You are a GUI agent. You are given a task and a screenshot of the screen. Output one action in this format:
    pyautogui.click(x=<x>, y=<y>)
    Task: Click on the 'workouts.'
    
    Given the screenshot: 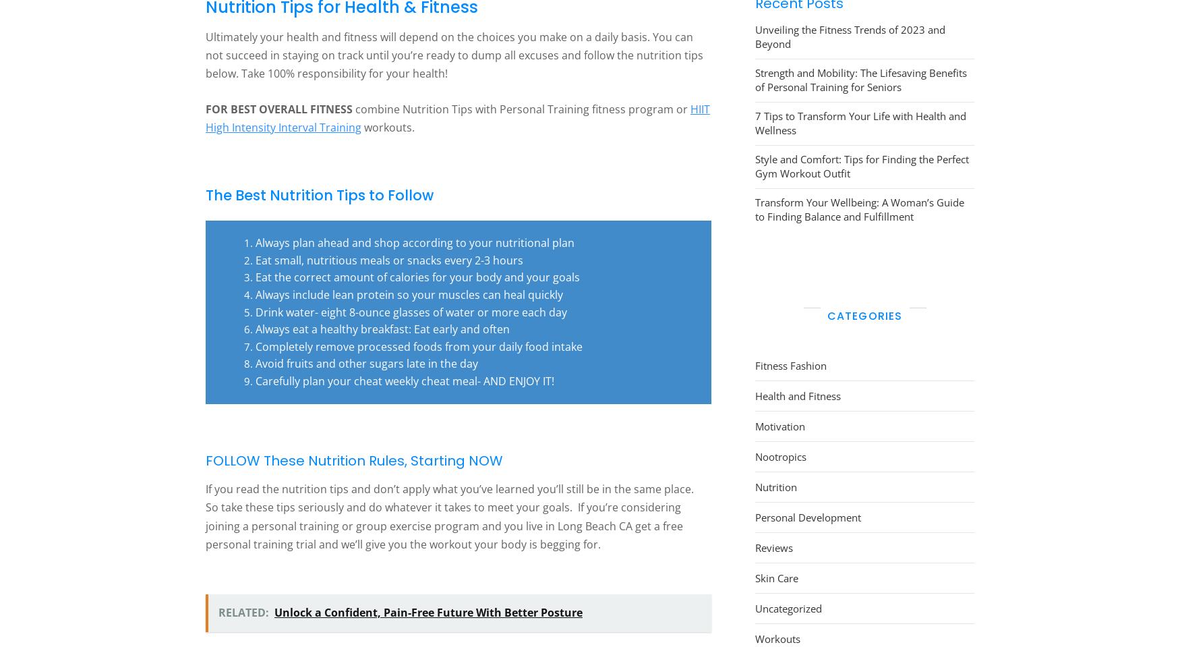 What is the action you would take?
    pyautogui.click(x=388, y=125)
    